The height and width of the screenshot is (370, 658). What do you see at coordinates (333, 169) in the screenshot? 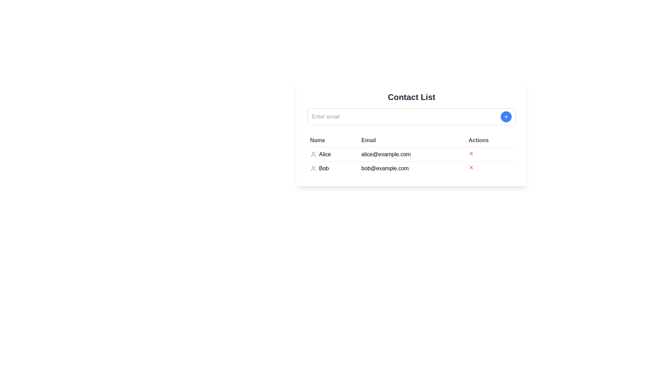
I see `the contact name 'Bob' located` at bounding box center [333, 169].